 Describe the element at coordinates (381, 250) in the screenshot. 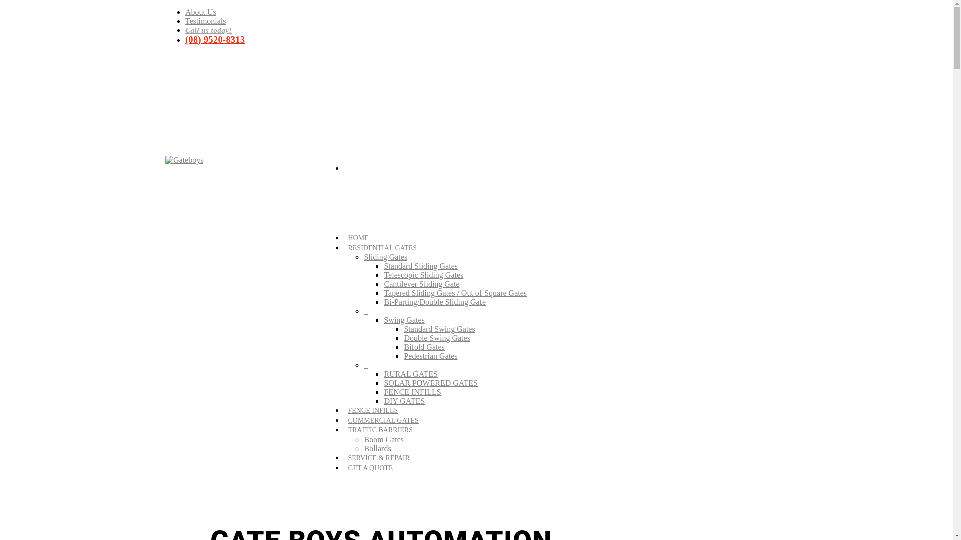

I see `'RESIDENTIAL GATES'` at that location.